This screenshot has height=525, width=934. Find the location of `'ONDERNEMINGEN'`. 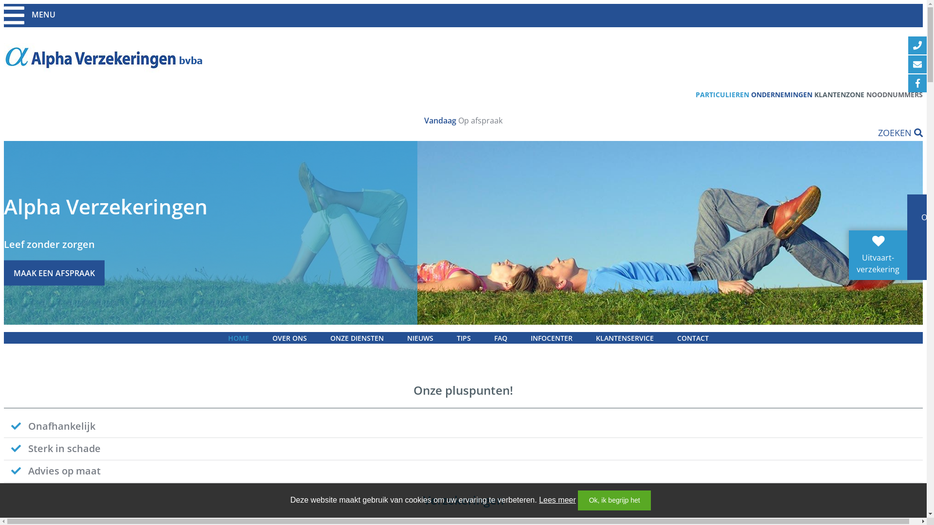

'ONDERNEMINGEN' is located at coordinates (782, 94).